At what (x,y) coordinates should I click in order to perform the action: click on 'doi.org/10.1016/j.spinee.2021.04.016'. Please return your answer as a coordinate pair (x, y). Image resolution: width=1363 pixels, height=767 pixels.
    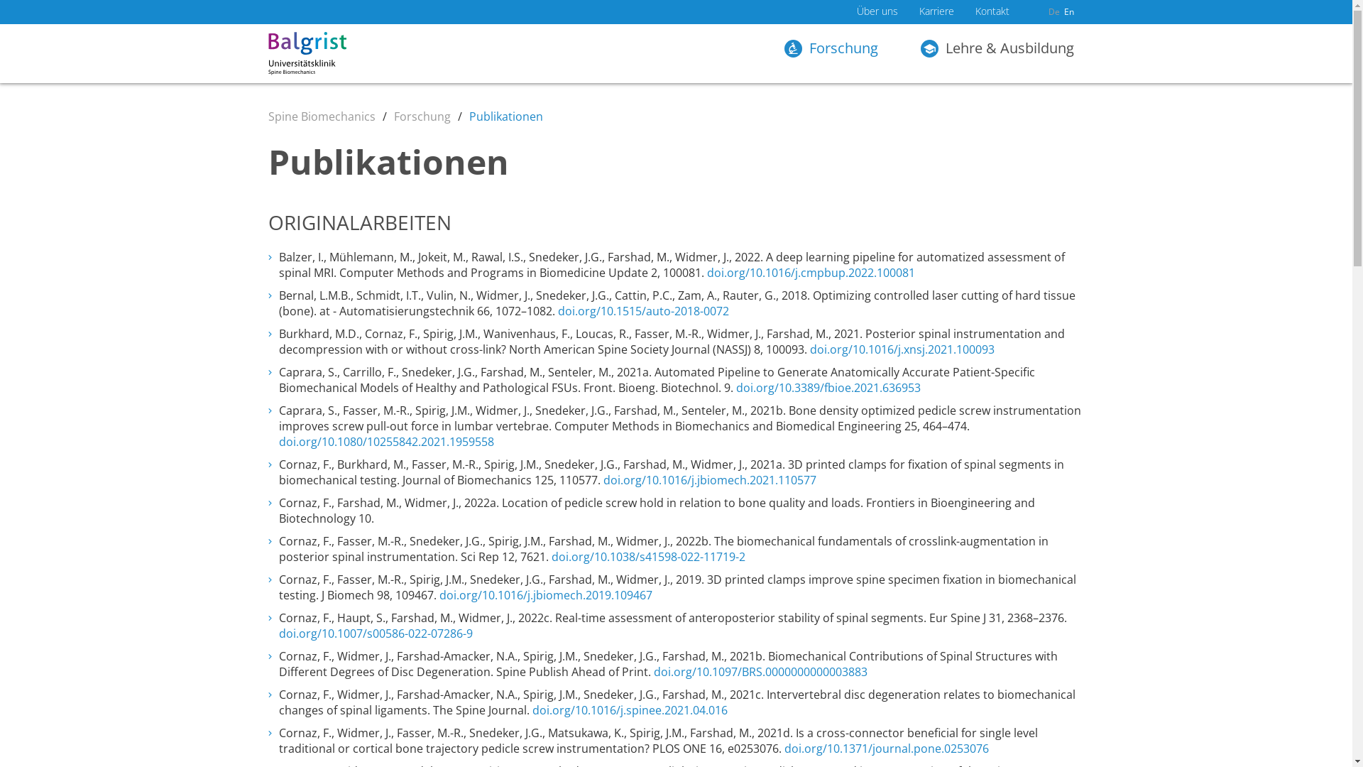
    Looking at the image, I should click on (629, 709).